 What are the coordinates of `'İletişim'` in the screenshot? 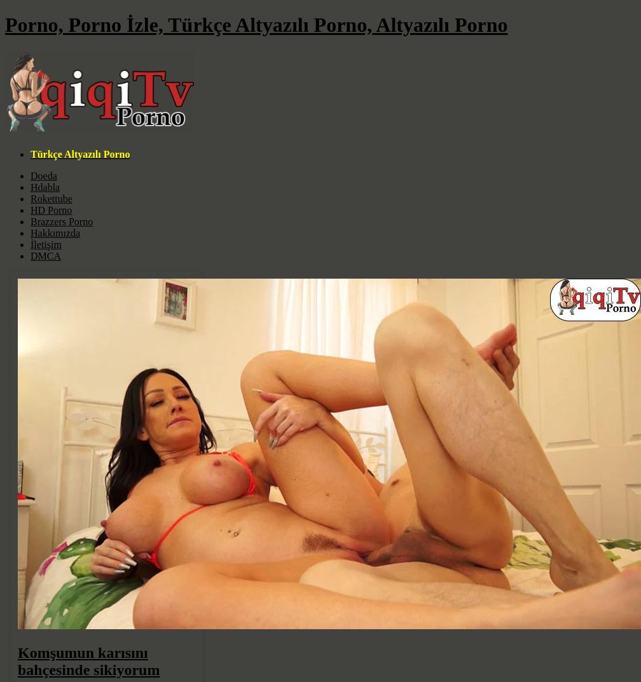 It's located at (45, 244).